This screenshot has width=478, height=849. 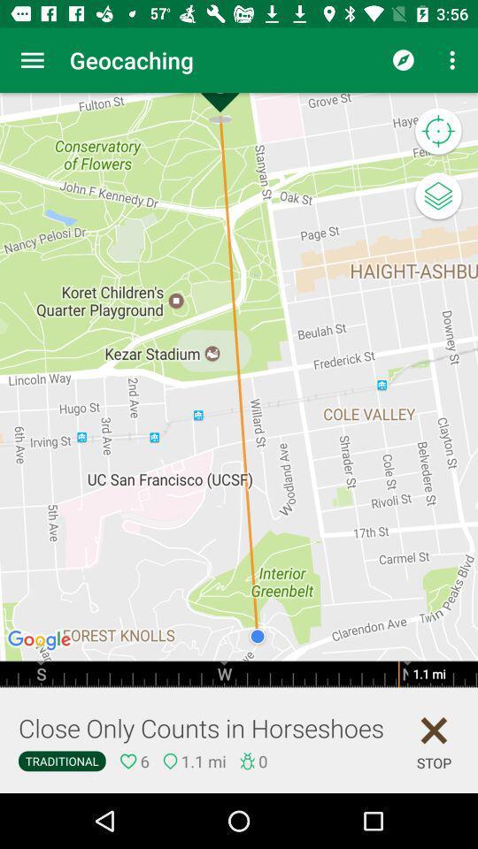 What do you see at coordinates (437, 197) in the screenshot?
I see `the layers icon` at bounding box center [437, 197].